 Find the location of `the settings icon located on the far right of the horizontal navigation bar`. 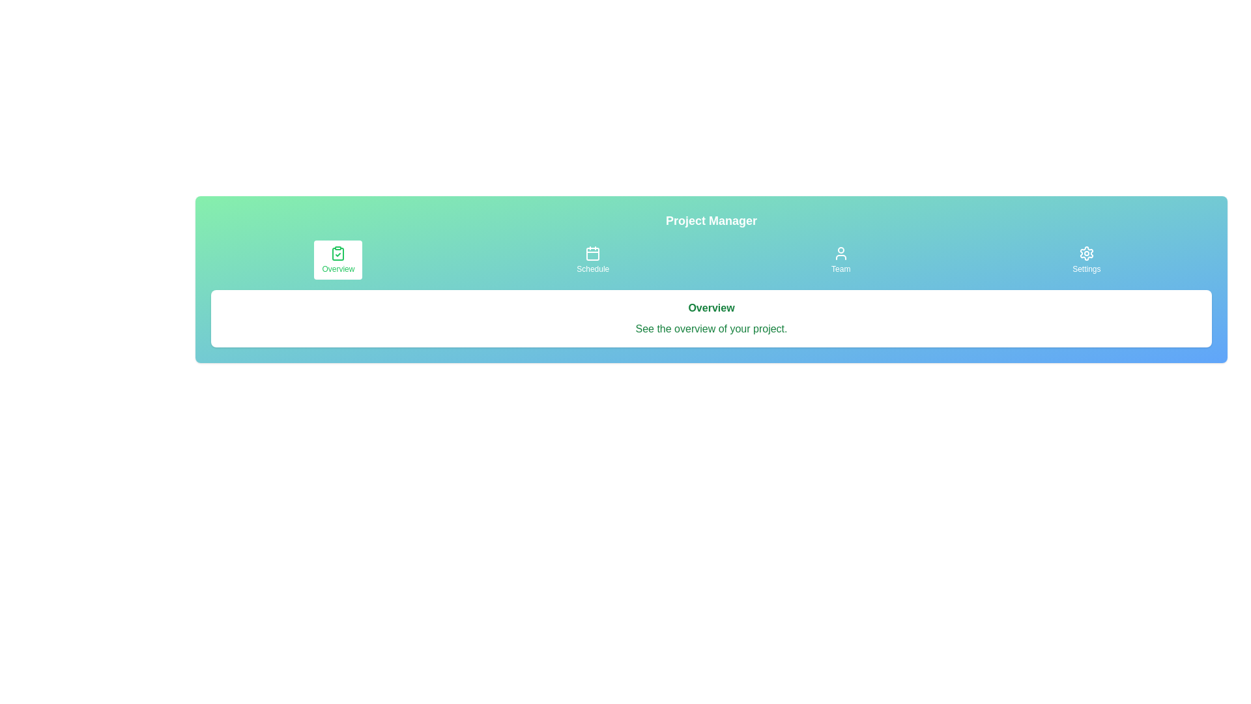

the settings icon located on the far right of the horizontal navigation bar is located at coordinates (1086, 254).